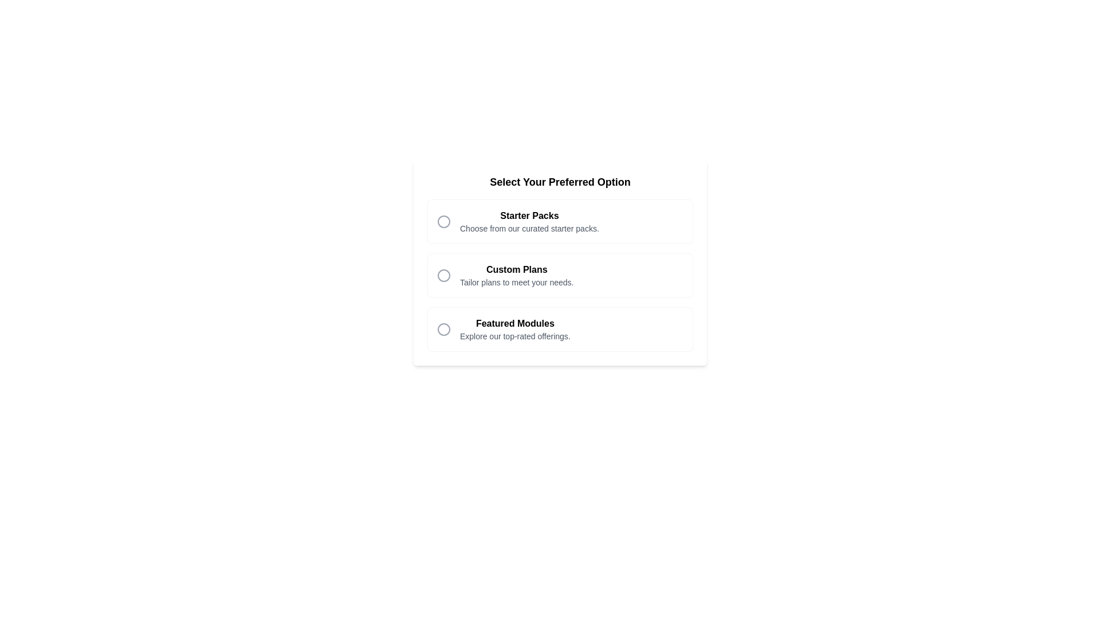 This screenshot has width=1100, height=619. Describe the element at coordinates (443, 329) in the screenshot. I see `the icon located at the beginning of the 'Featured Modules' card, which symbolizes the represented option or its state within the selection interface` at that location.